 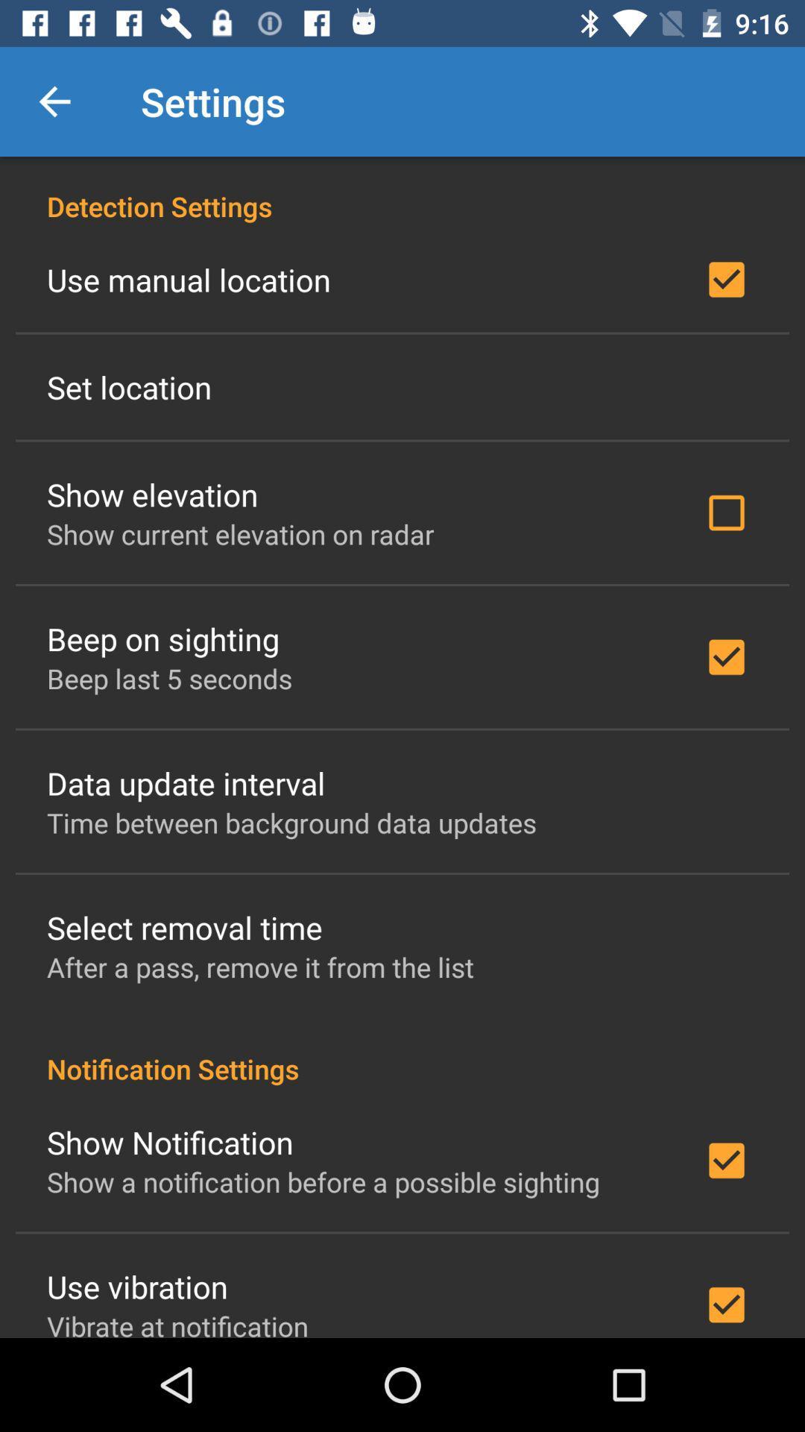 I want to click on the data update interval icon, so click(x=185, y=782).